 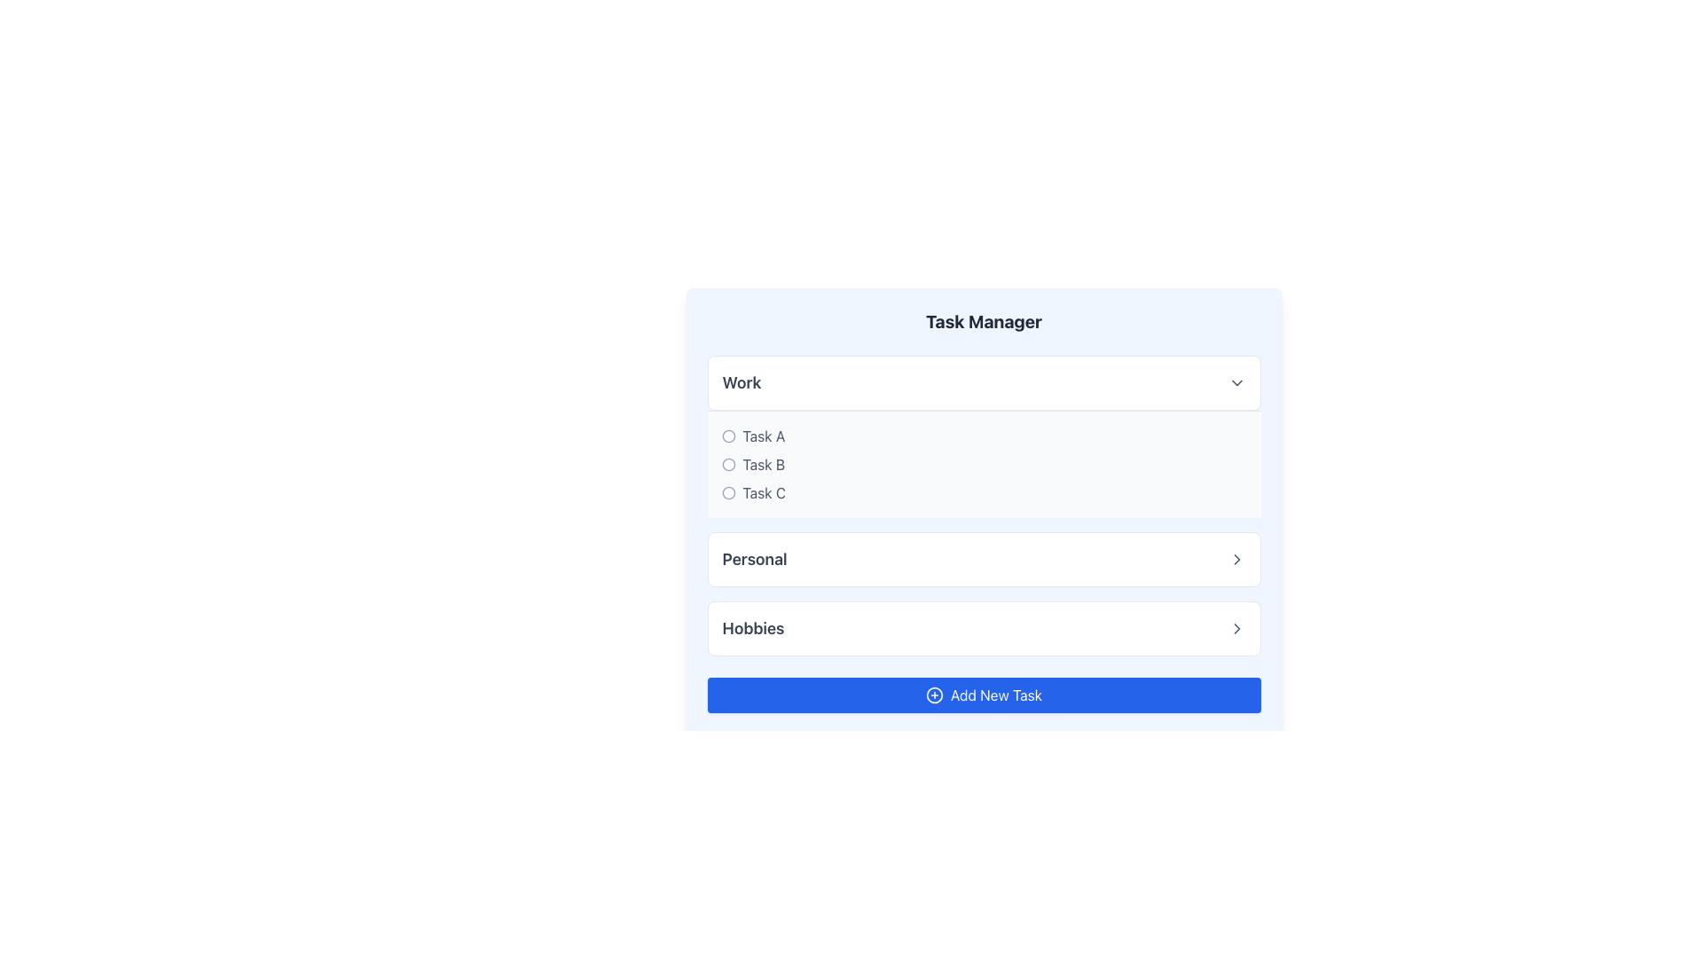 What do you see at coordinates (1236, 628) in the screenshot?
I see `the right-facing gray chevron icon located in the 'Hobbies' section` at bounding box center [1236, 628].